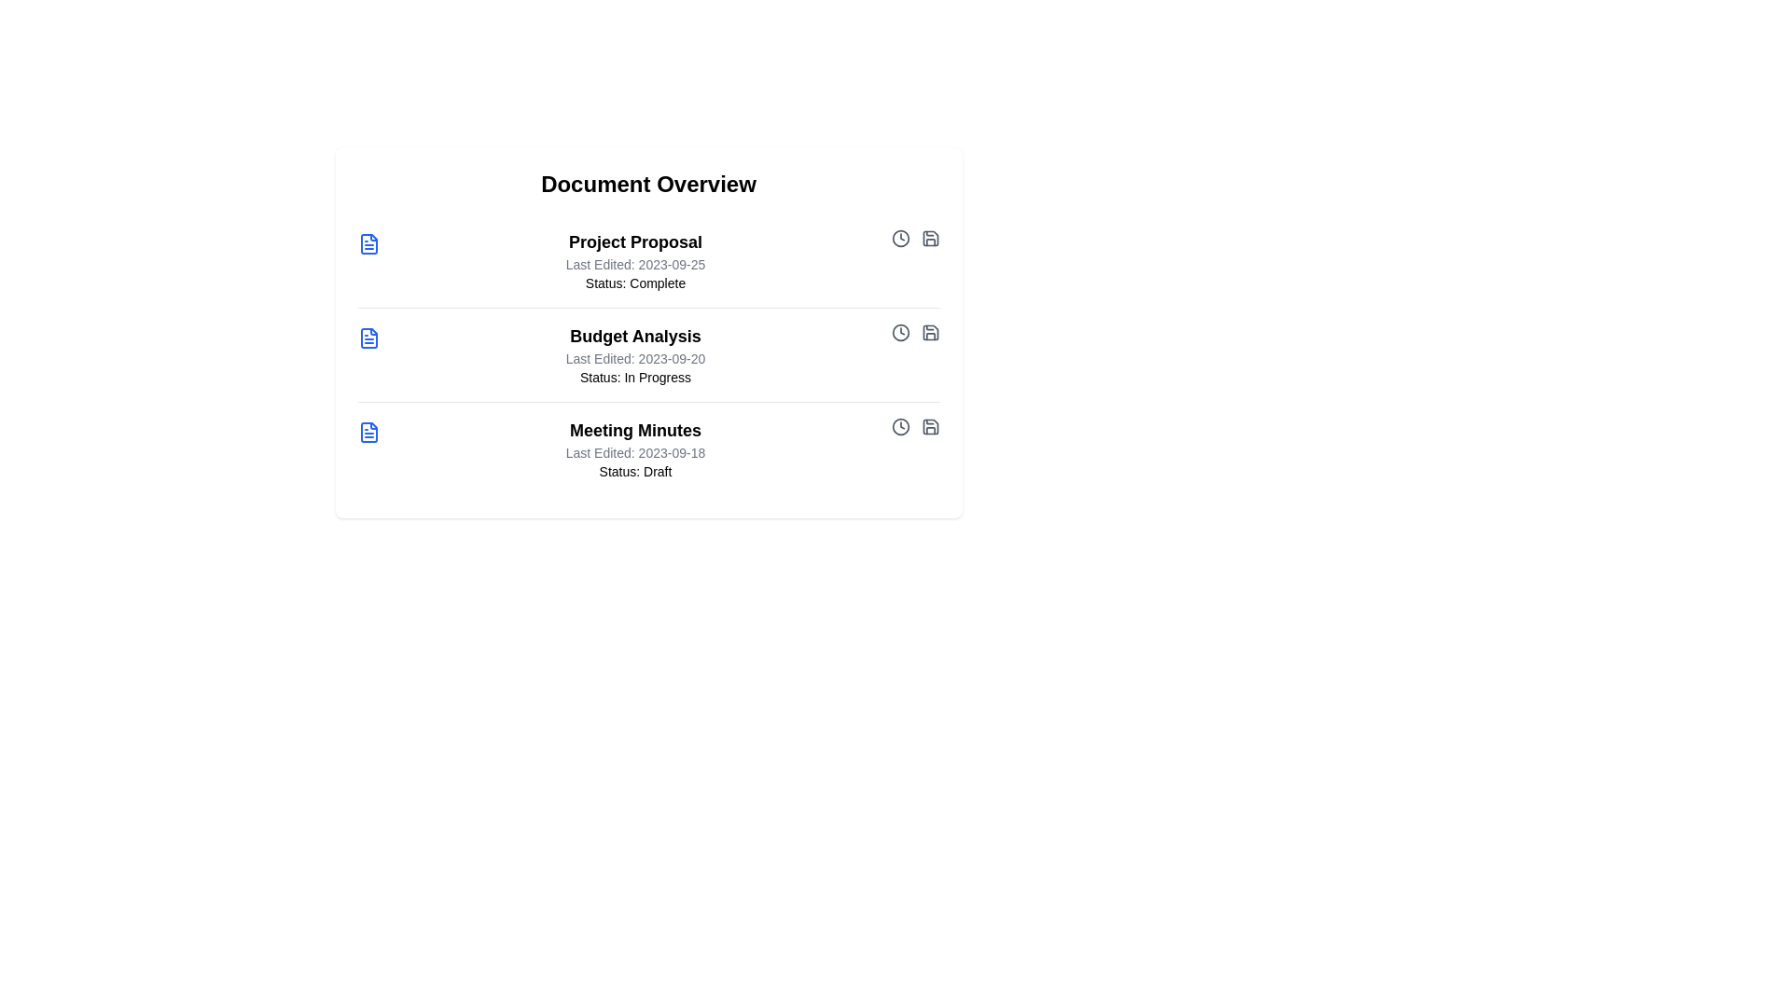 The image size is (1791, 1007). Describe the element at coordinates (394, 337) in the screenshot. I see `the document title or icon to view its details. Specify the document to interact with using the parameter Budget Analysis` at that location.